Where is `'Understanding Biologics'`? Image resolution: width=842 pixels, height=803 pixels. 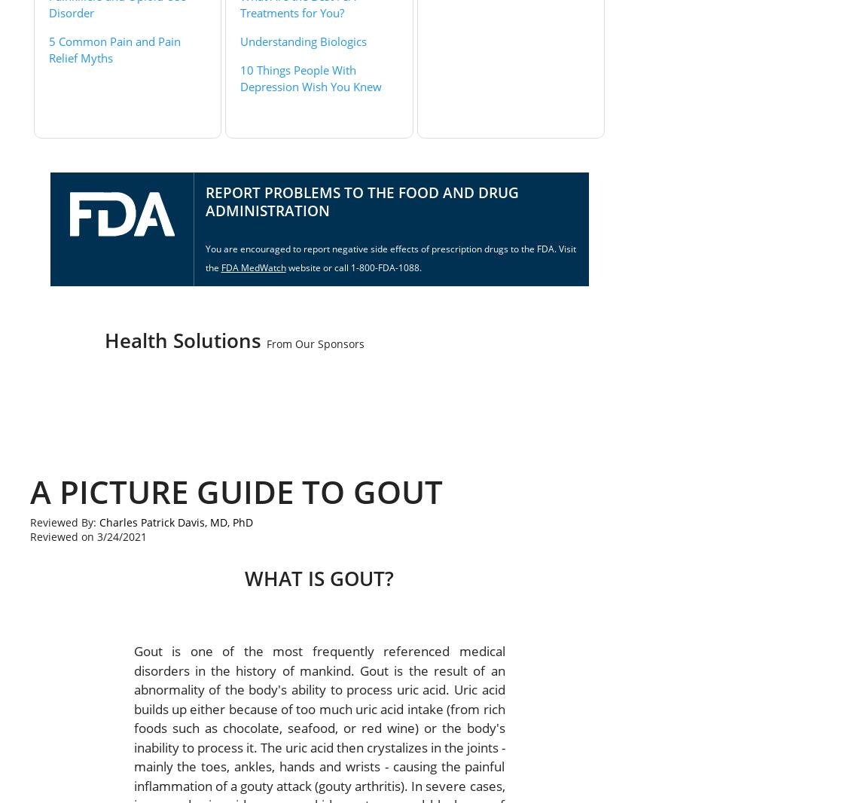
'Understanding Biologics' is located at coordinates (303, 40).